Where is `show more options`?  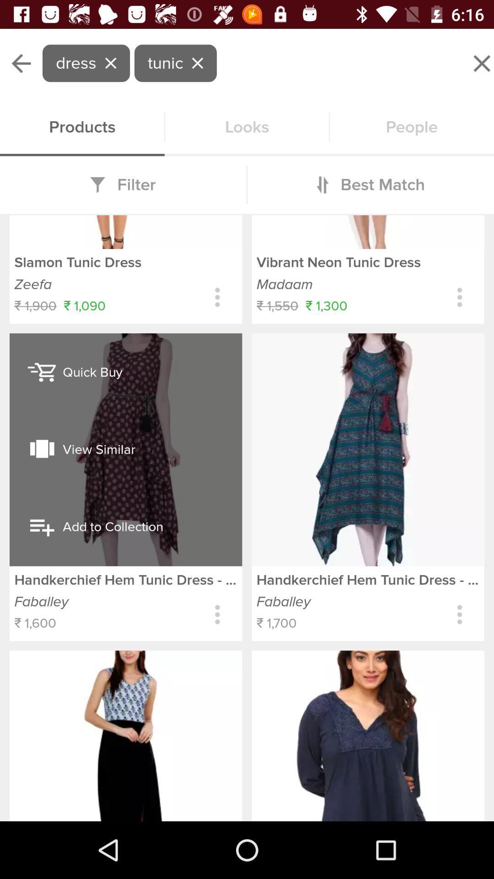 show more options is located at coordinates (217, 297).